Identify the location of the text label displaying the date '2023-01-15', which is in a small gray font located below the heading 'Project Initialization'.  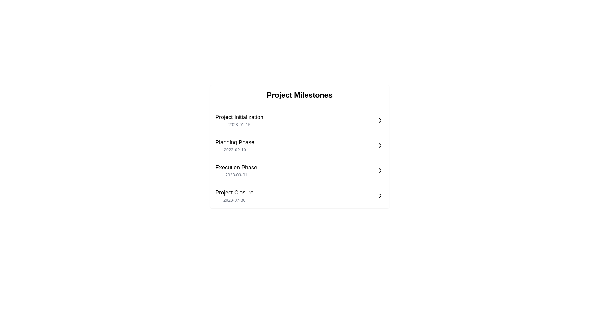
(239, 124).